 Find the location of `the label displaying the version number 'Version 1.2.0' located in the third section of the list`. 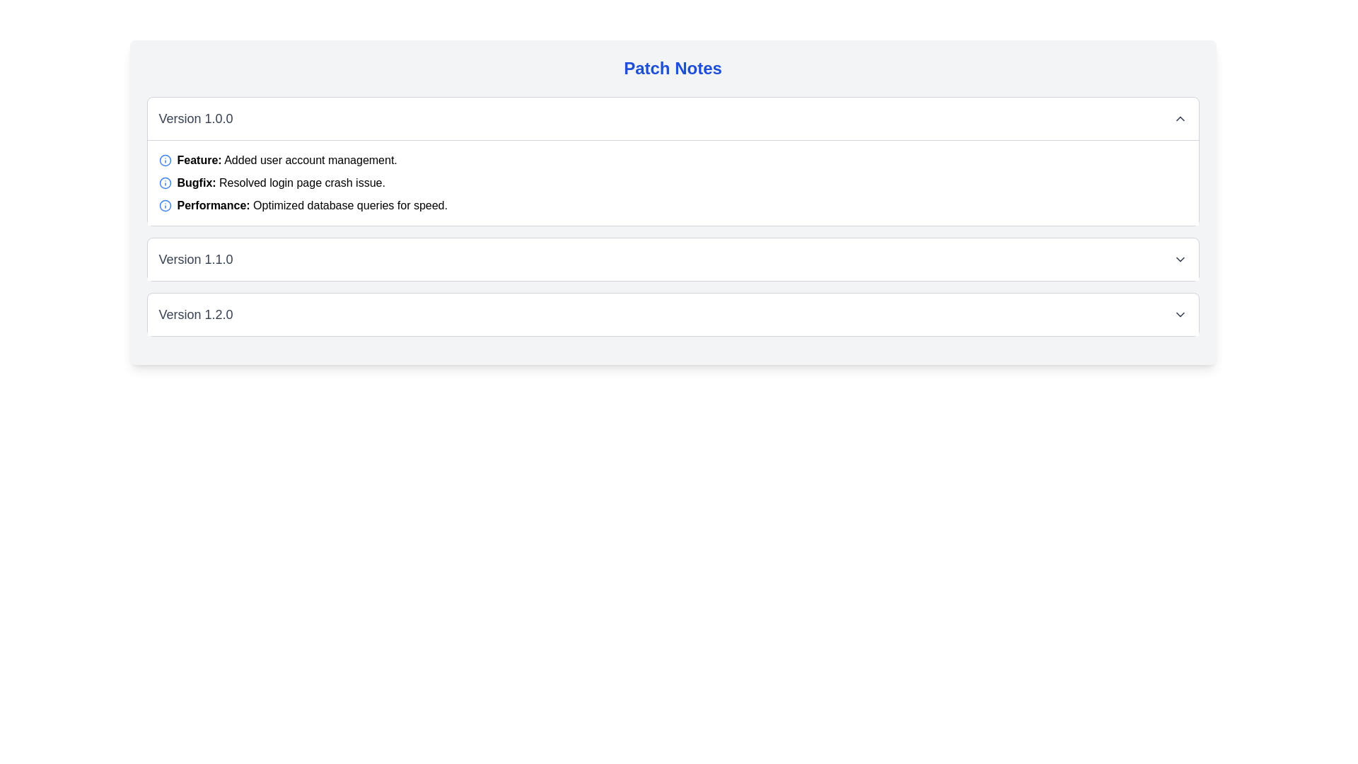

the label displaying the version number 'Version 1.2.0' located in the third section of the list is located at coordinates (195, 313).